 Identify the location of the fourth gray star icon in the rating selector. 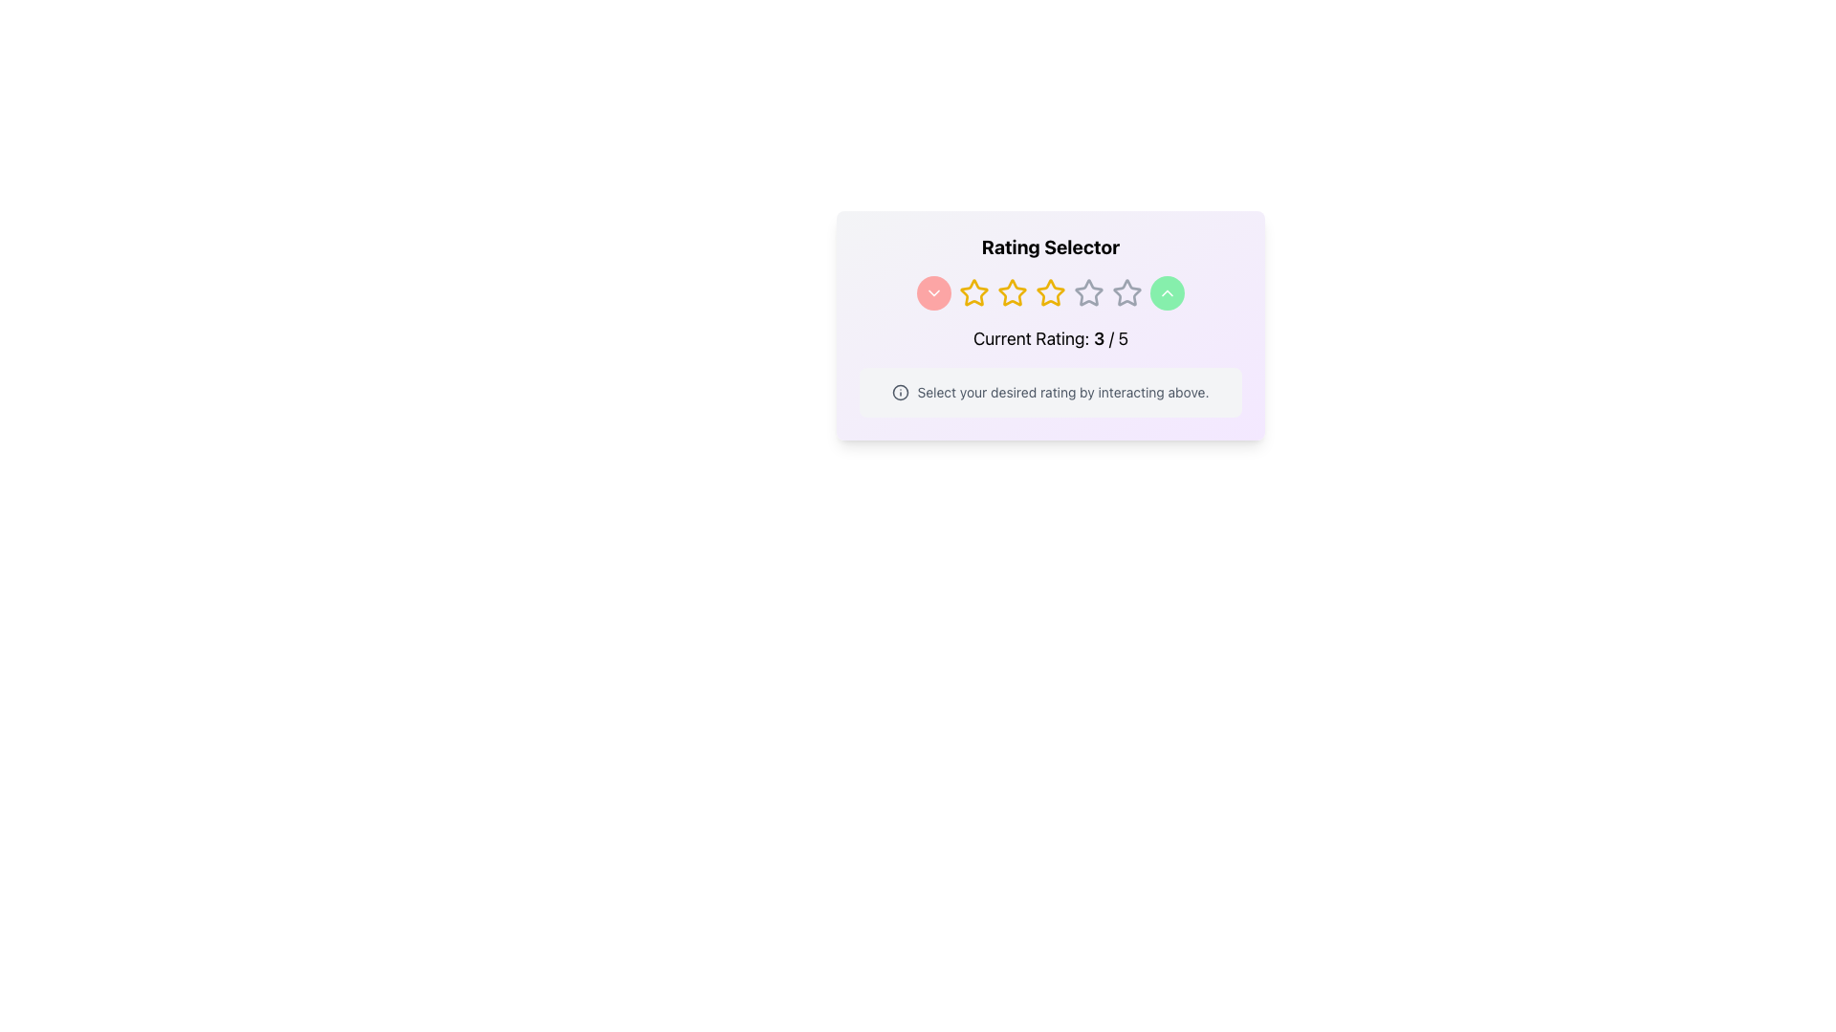
(1126, 291).